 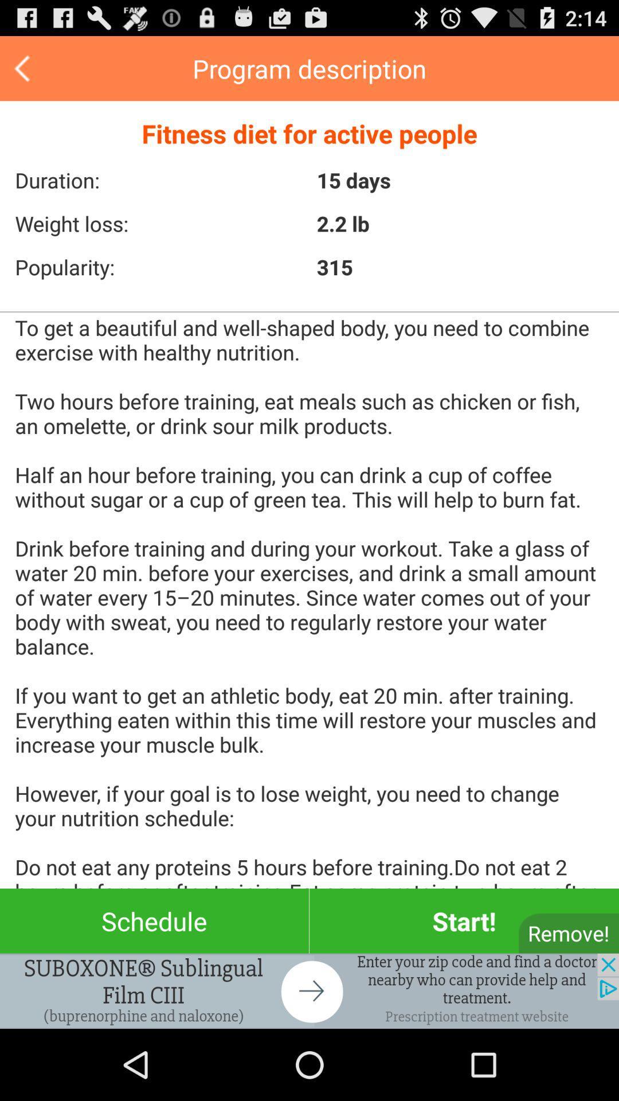 What do you see at coordinates (464, 921) in the screenshot?
I see `the green text box start from bottom` at bounding box center [464, 921].